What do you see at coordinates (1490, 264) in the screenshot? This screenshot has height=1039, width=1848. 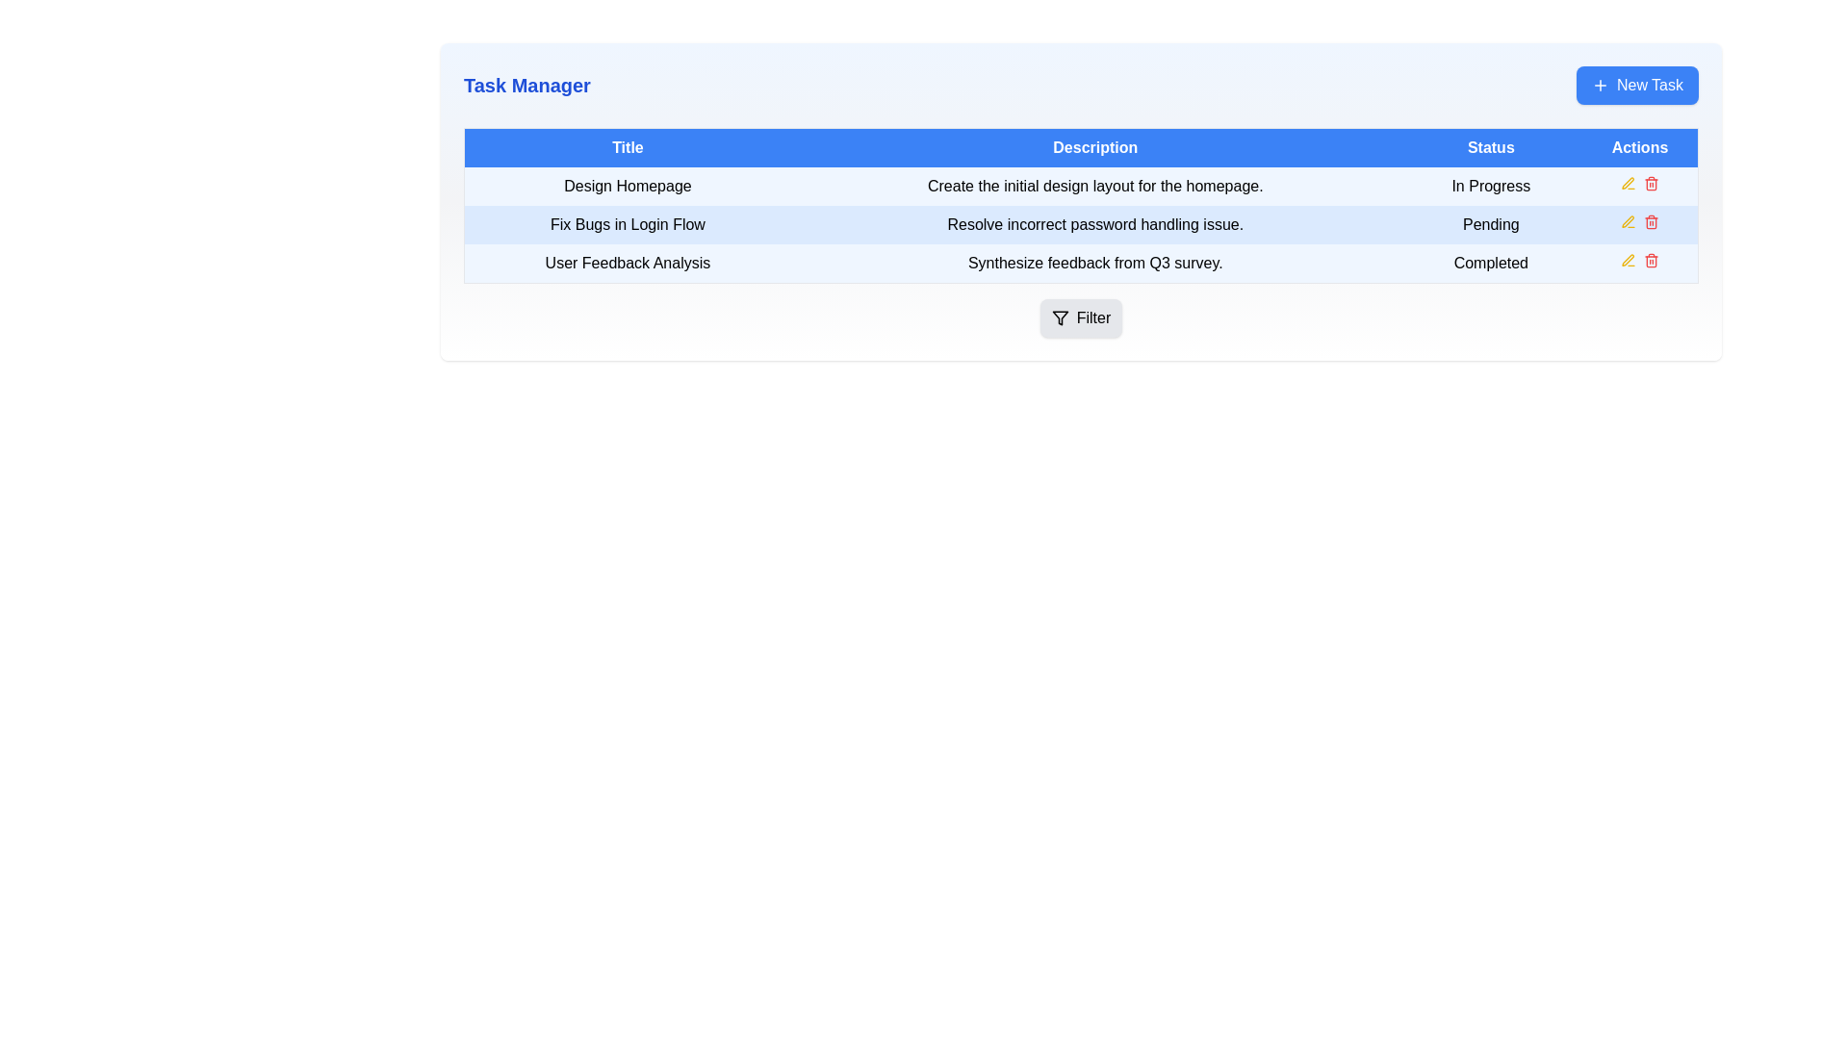 I see `displayed text from the 'Status' column for the 'User Feedback Analysis' task, which is the third entry in the row` at bounding box center [1490, 264].